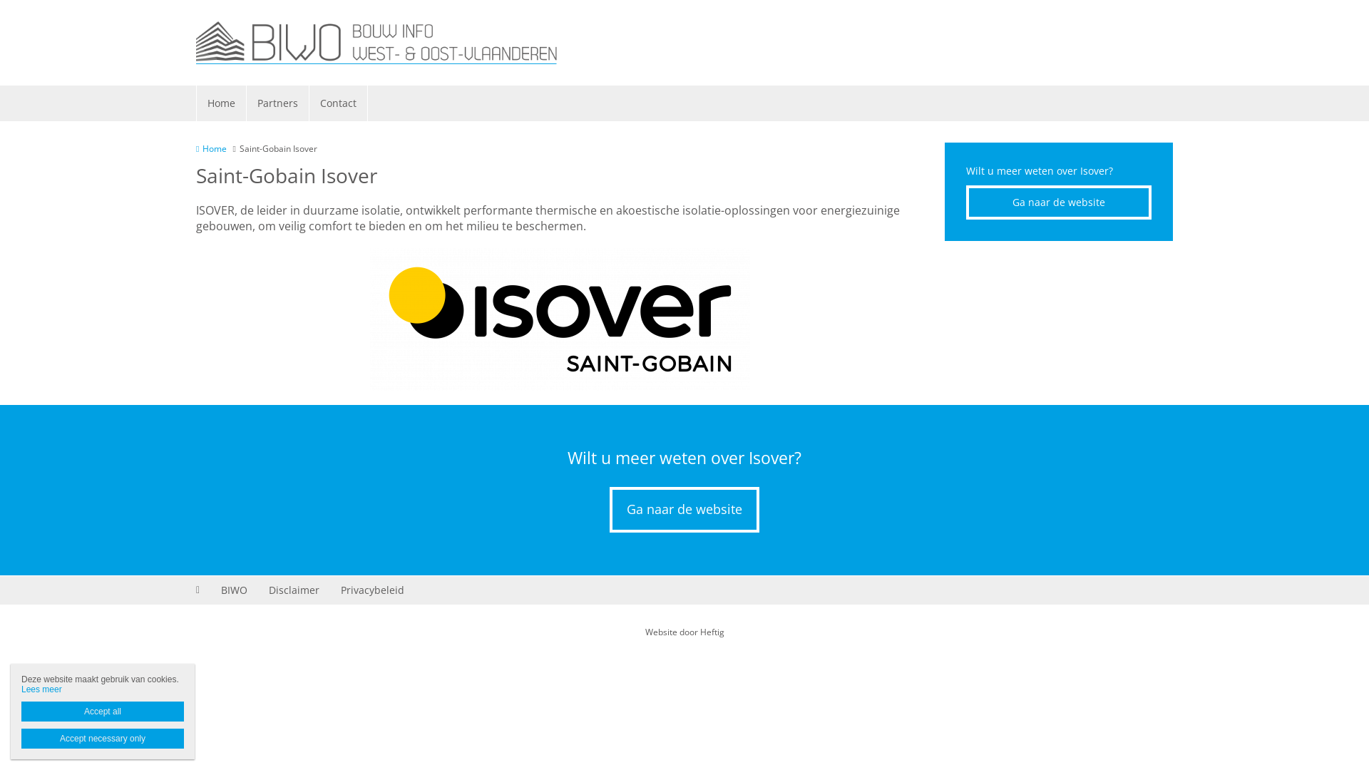 The height and width of the screenshot is (770, 1369). Describe the element at coordinates (376, 42) in the screenshot. I see `'Home | Bouw Info West- & Oost-Vlaanderen'` at that location.